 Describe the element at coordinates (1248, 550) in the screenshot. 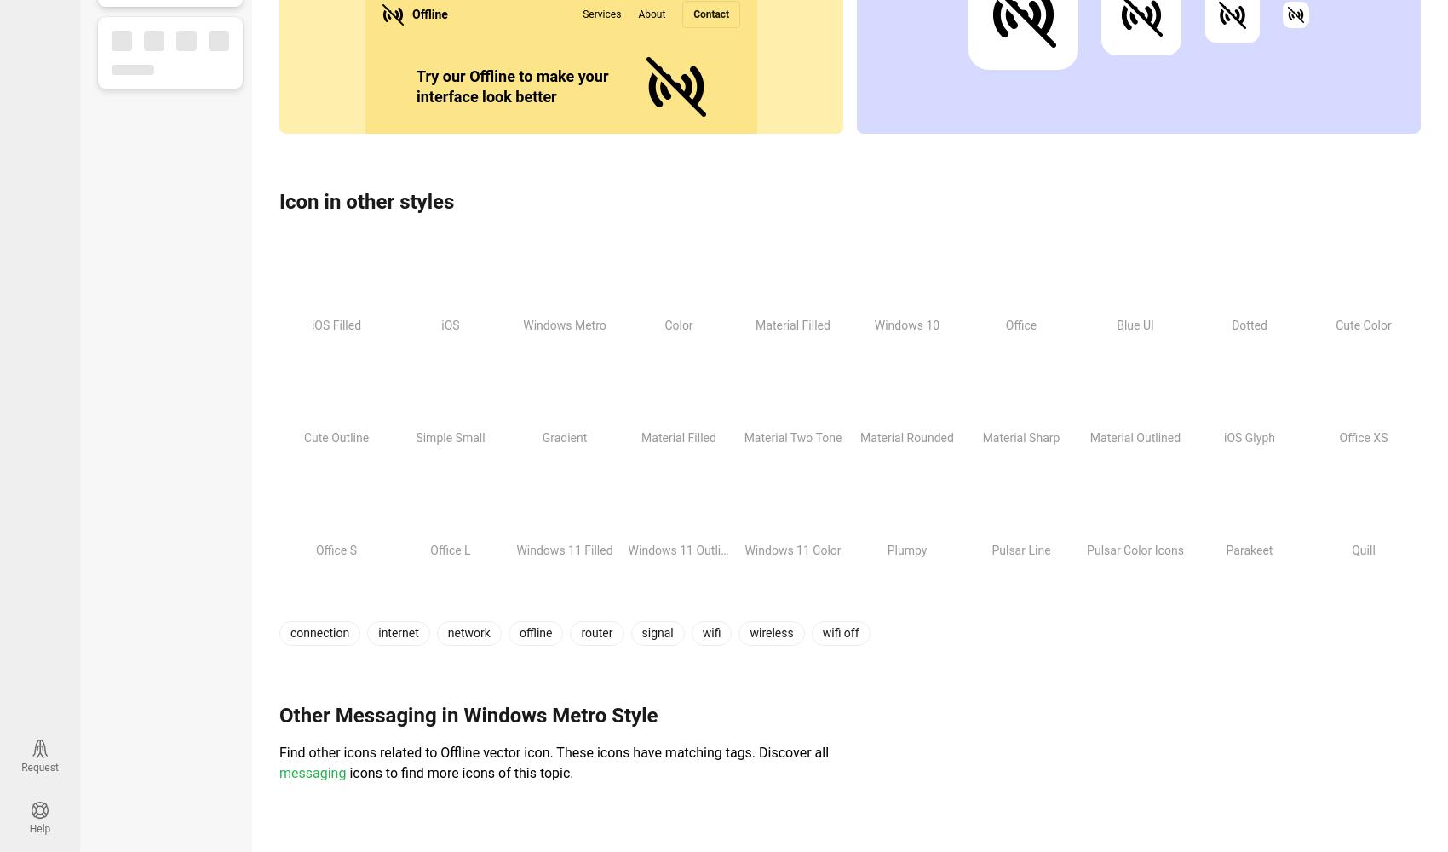

I see `'Parakeet'` at that location.